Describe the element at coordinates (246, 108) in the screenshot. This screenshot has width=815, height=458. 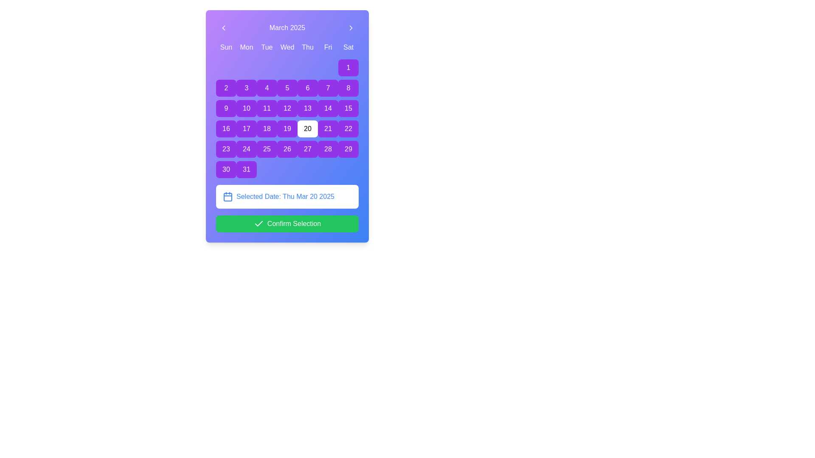
I see `the button with a purple background and white text displaying the number '10'` at that location.